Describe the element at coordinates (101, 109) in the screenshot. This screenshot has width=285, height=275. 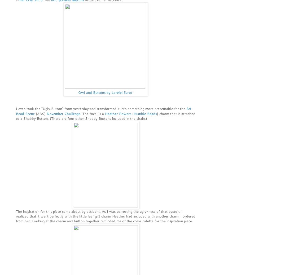
I see `'I even took the "Ugly Button" from yesterday and transformed it into something more presentable for the'` at that location.